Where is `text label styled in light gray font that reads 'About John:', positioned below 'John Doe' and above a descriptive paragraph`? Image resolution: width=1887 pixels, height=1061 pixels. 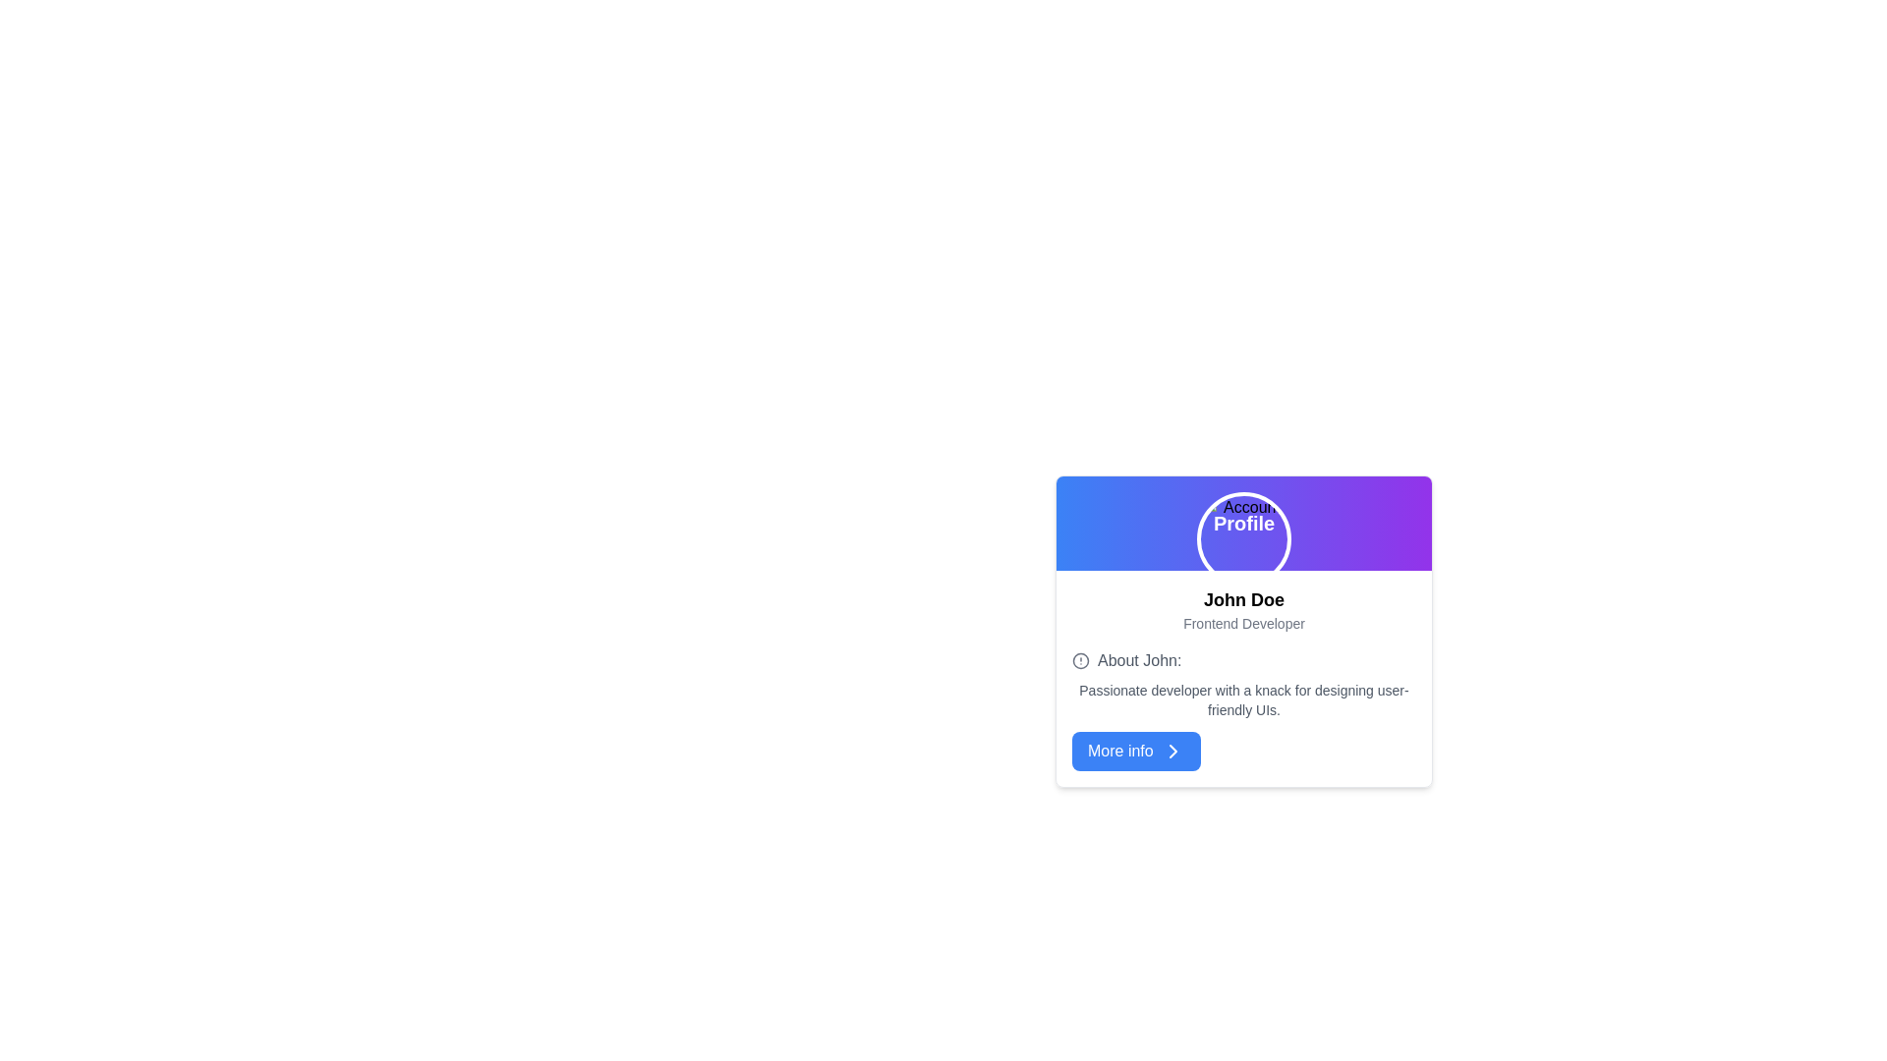 text label styled in light gray font that reads 'About John:', positioned below 'John Doe' and above a descriptive paragraph is located at coordinates (1139, 660).